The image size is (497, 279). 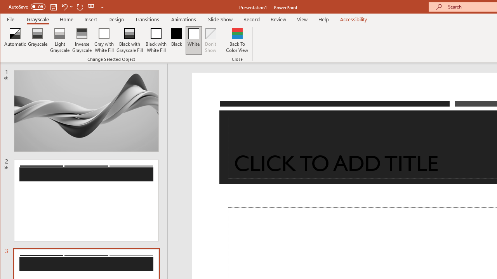 What do you see at coordinates (237, 40) in the screenshot?
I see `'Back To Color View'` at bounding box center [237, 40].